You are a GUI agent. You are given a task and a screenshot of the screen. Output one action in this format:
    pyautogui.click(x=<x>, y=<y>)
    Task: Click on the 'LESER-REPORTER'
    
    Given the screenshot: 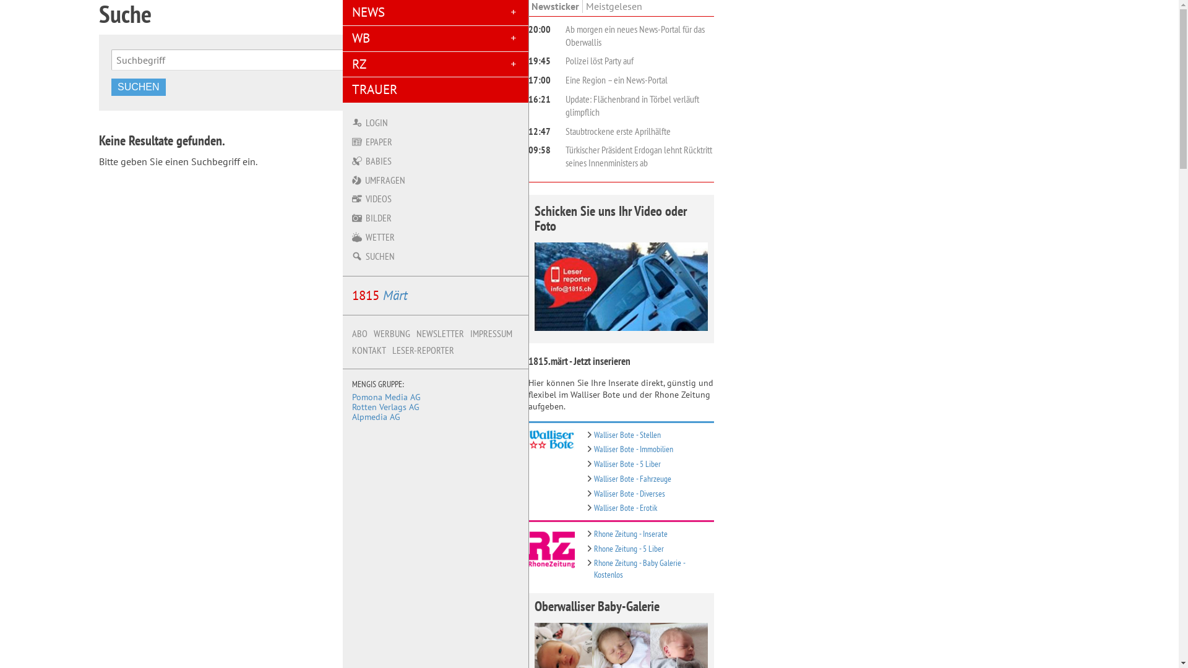 What is the action you would take?
    pyautogui.click(x=423, y=350)
    